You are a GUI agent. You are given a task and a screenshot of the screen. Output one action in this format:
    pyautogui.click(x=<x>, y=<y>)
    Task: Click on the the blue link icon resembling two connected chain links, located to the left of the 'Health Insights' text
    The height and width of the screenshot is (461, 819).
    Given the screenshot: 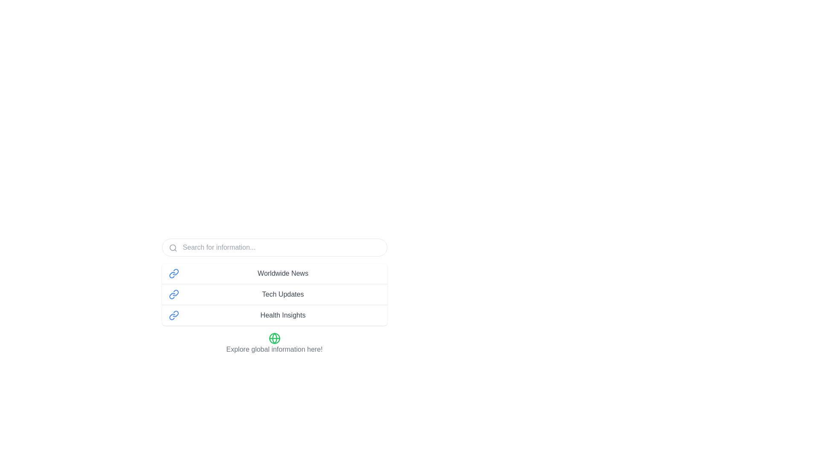 What is the action you would take?
    pyautogui.click(x=173, y=315)
    